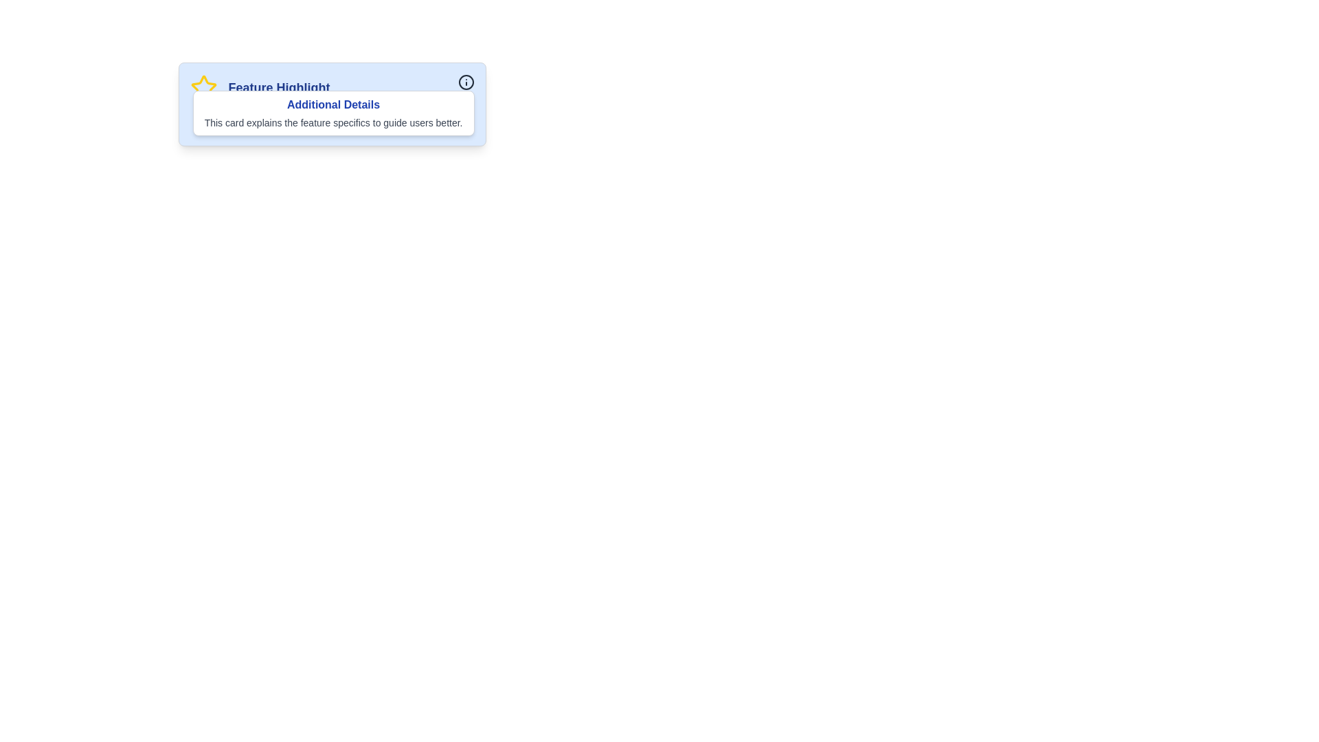  What do you see at coordinates (332, 87) in the screenshot?
I see `text of the Header element labeled 'Feature Highlight' that includes a yellow star icon, located at the top of the card component` at bounding box center [332, 87].